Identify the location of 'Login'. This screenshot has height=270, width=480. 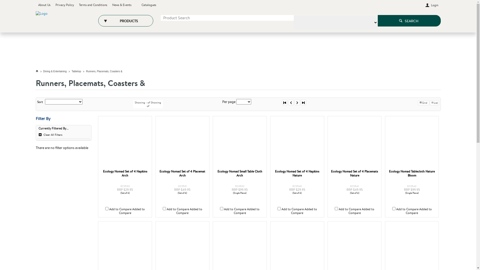
(431, 5).